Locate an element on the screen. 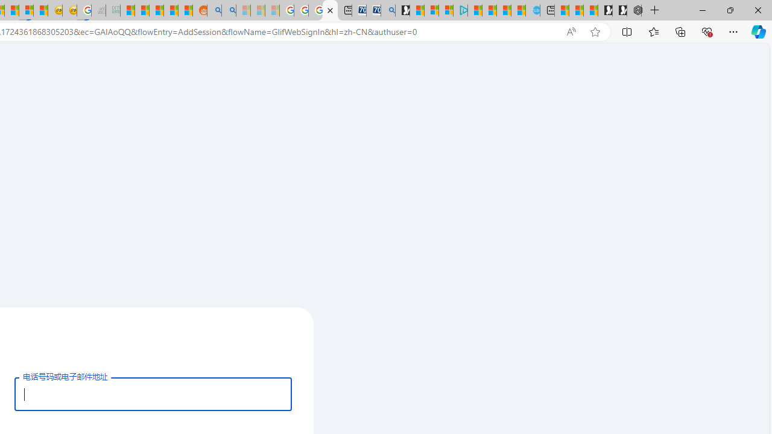  'Bing Real Estate - Home sales and rental listings' is located at coordinates (388, 10).